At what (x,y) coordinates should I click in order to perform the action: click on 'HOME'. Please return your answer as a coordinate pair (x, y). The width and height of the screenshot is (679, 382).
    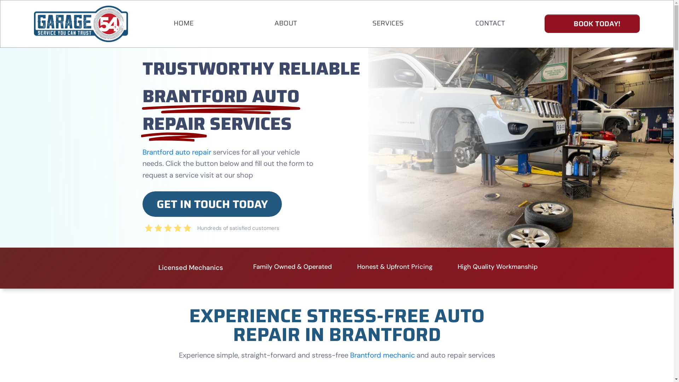
    Looking at the image, I should click on (173, 23).